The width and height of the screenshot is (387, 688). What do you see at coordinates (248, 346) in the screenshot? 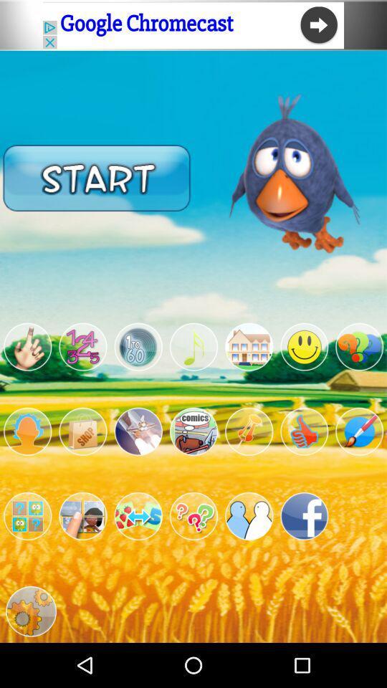
I see `advertisement` at bounding box center [248, 346].